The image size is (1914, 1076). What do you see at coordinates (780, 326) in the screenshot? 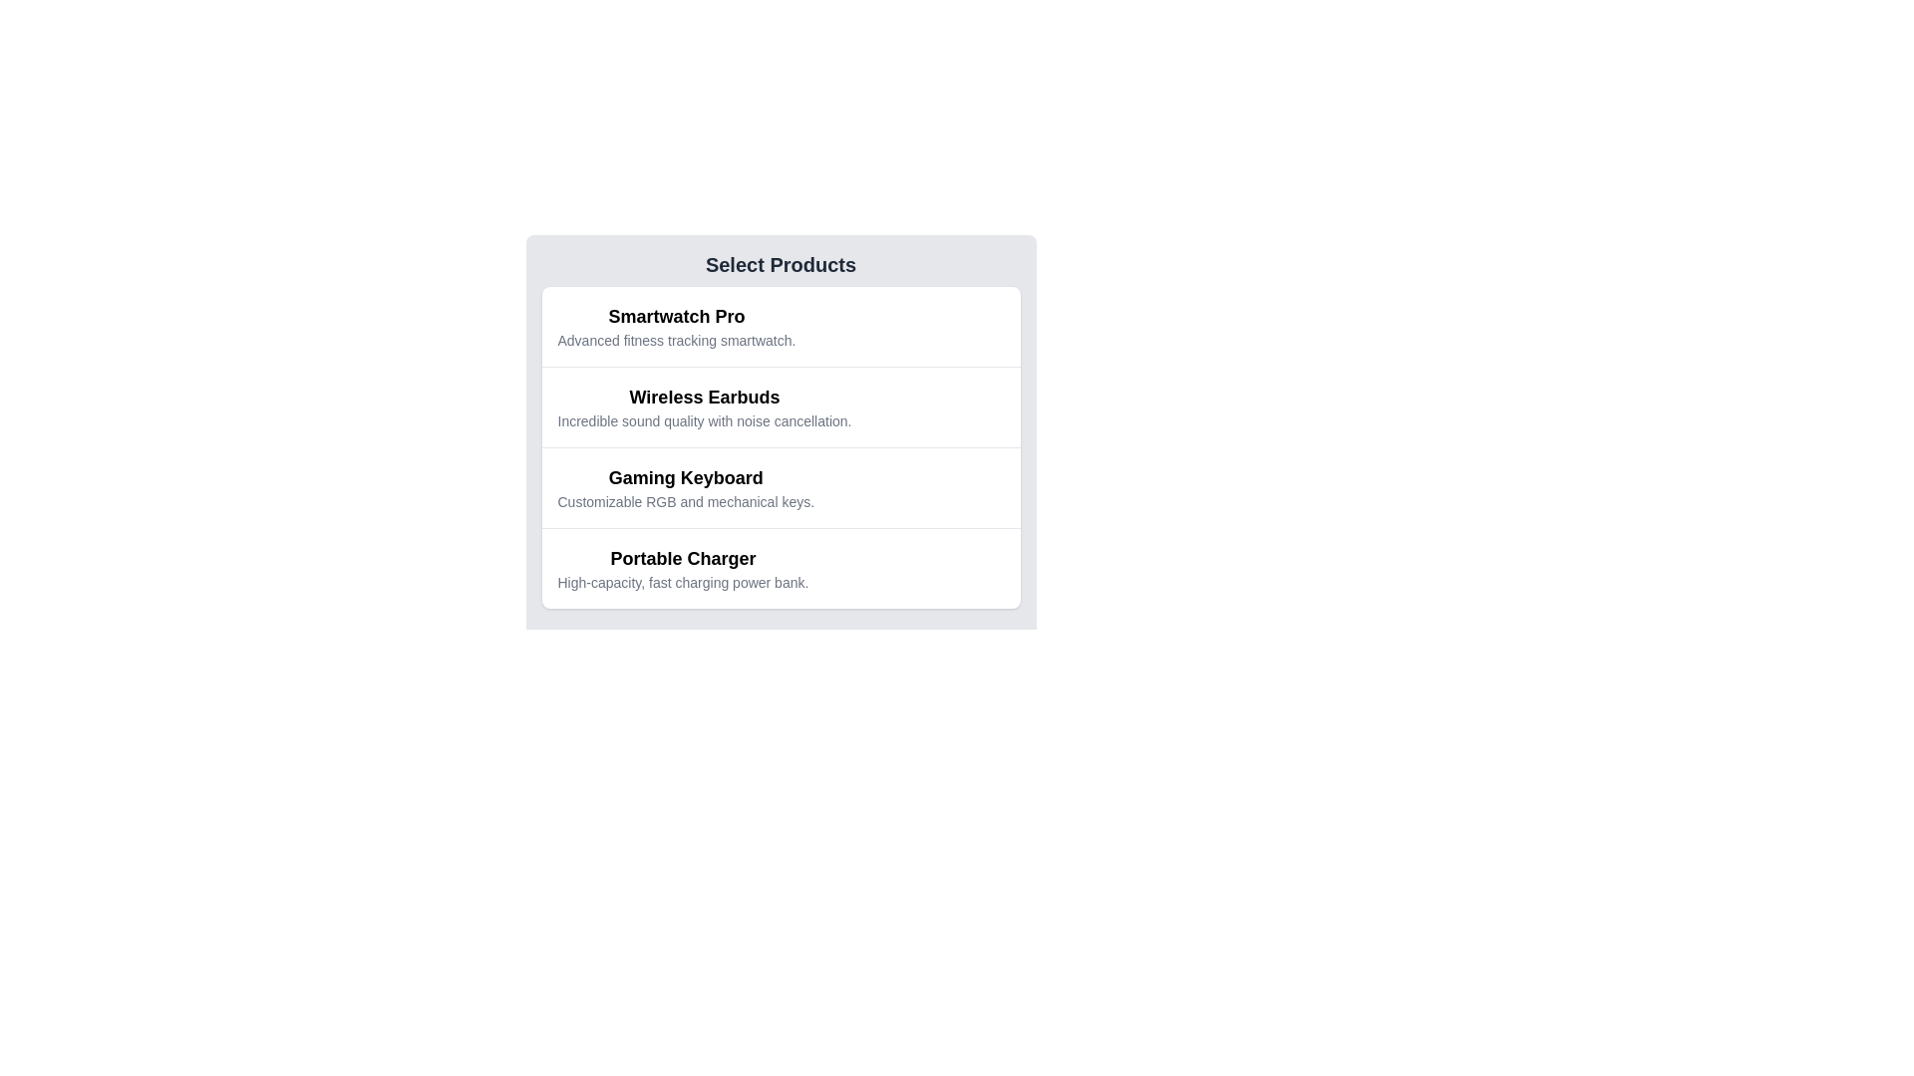
I see `the first product entry in the list` at bounding box center [780, 326].